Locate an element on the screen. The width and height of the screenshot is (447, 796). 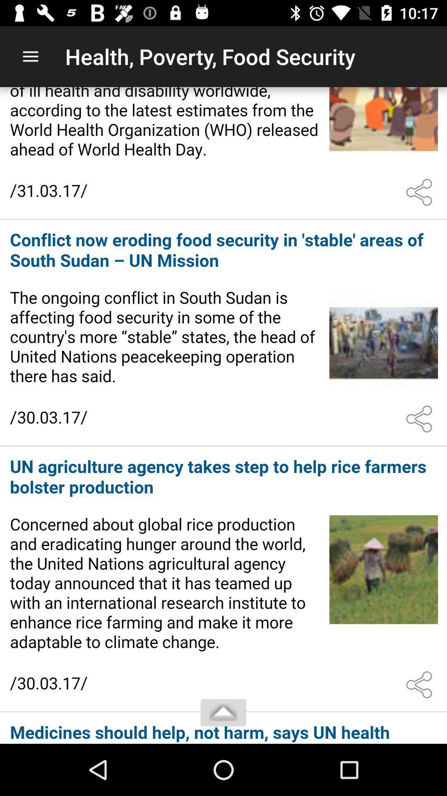
the share icon is located at coordinates (421, 685).